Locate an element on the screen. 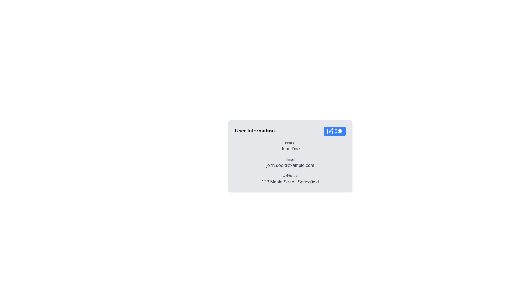 Image resolution: width=531 pixels, height=298 pixels. the 'Edit' button located in the top-right corner of the 'User Information' card, which contains the pen icon to signify the edit action is located at coordinates (331, 131).